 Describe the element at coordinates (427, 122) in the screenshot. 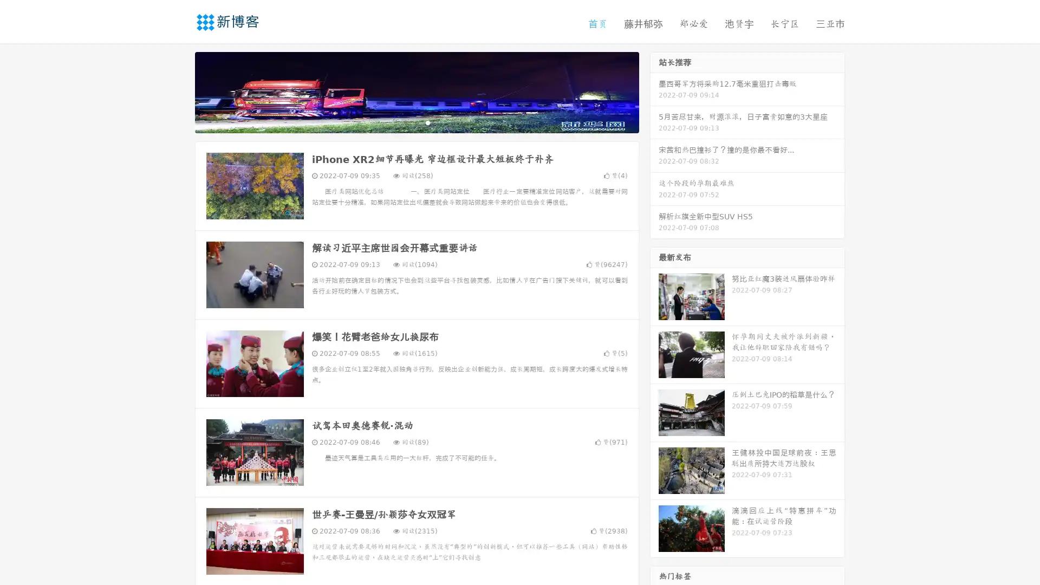

I see `Go to slide 3` at that location.